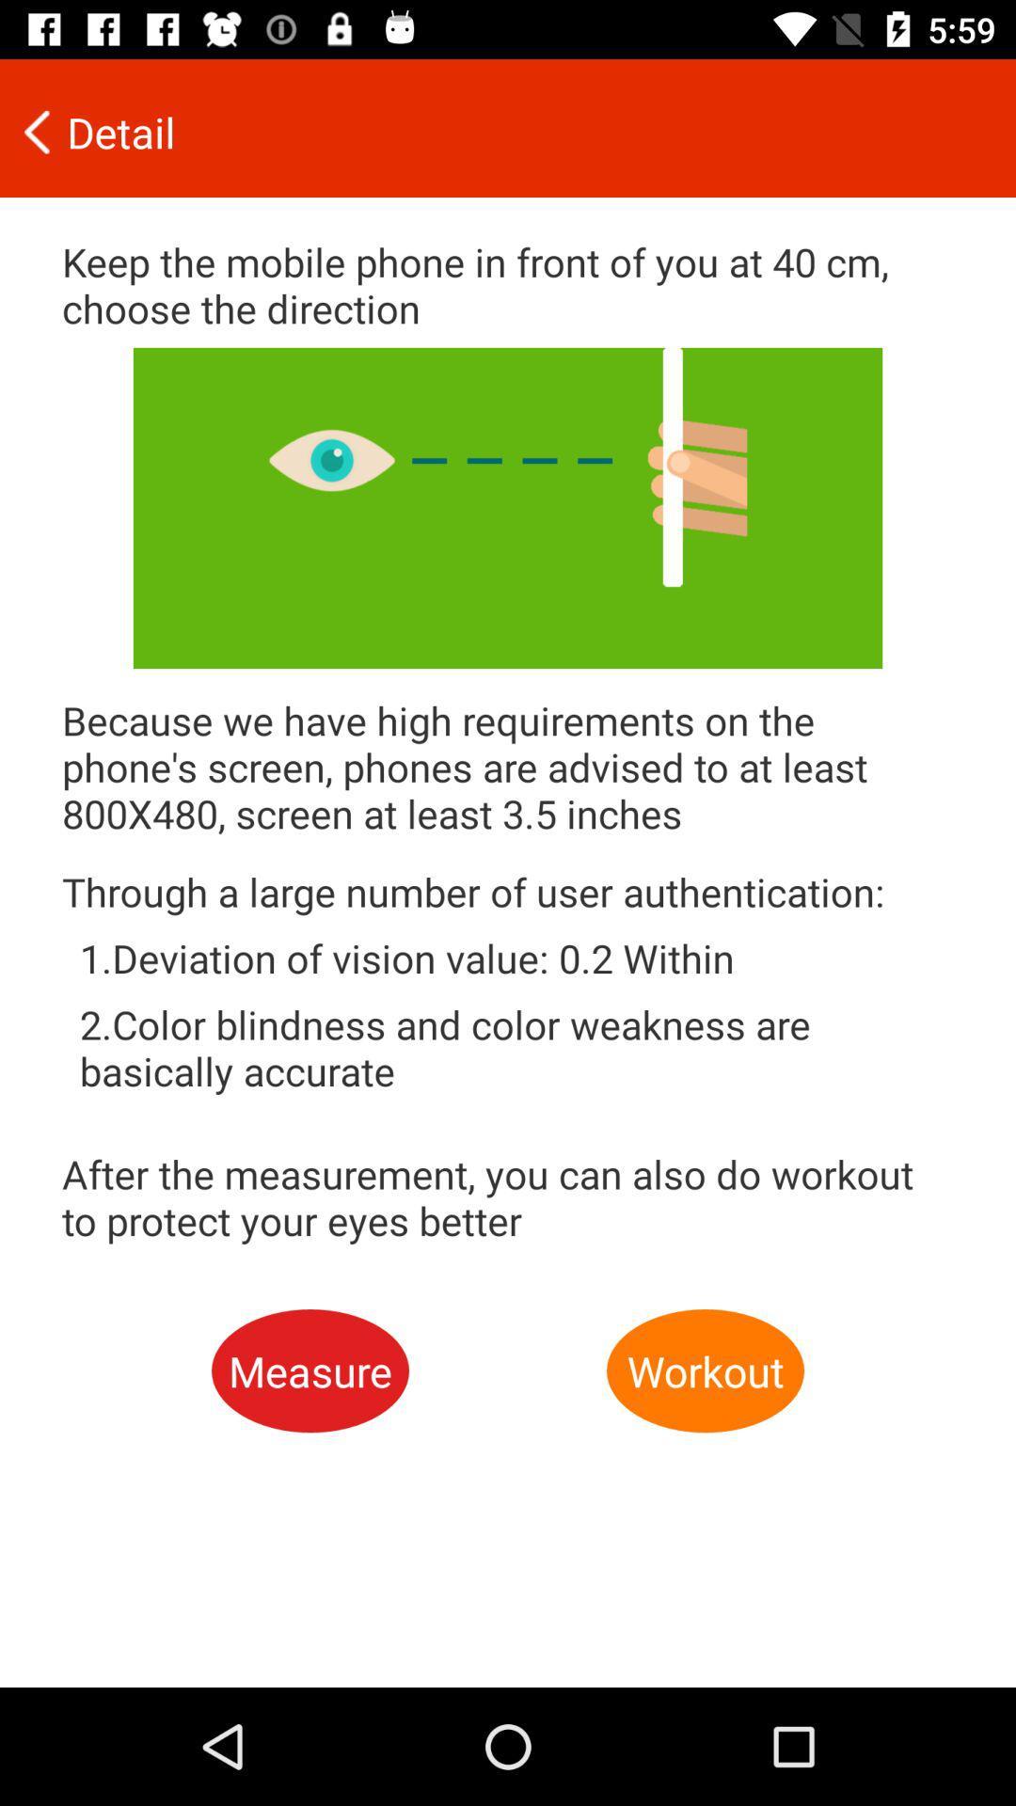 This screenshot has width=1016, height=1806. I want to click on detail item, so click(494, 131).